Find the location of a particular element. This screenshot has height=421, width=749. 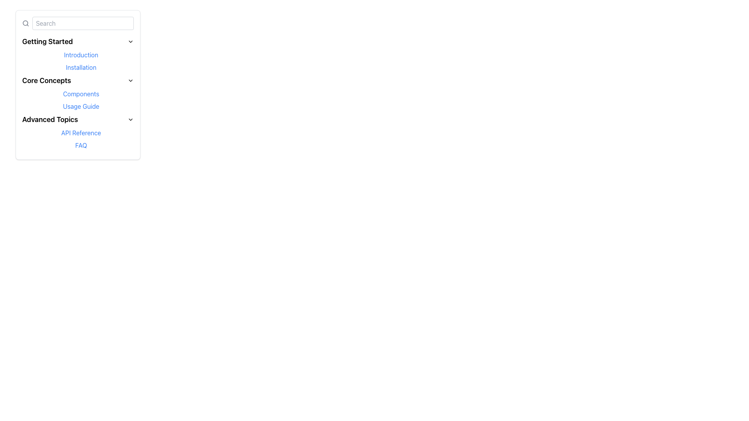

the 'Advanced Topics' text label is located at coordinates (50, 120).